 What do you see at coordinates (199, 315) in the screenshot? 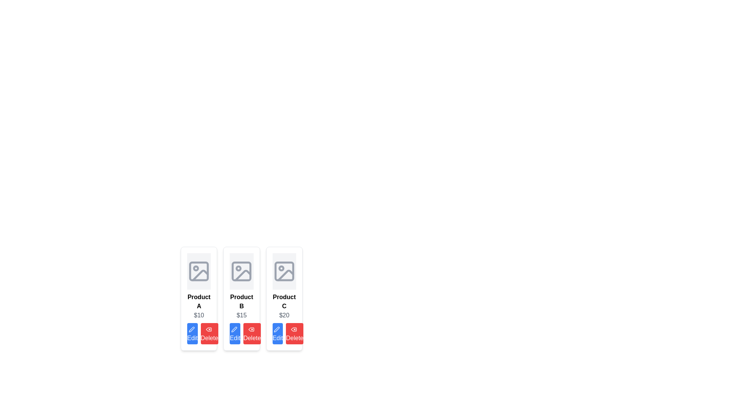
I see `the text label displaying '$10', which is located below the product title 'Product A' and above the action buttons 'Edit' and 'Delete'` at bounding box center [199, 315].